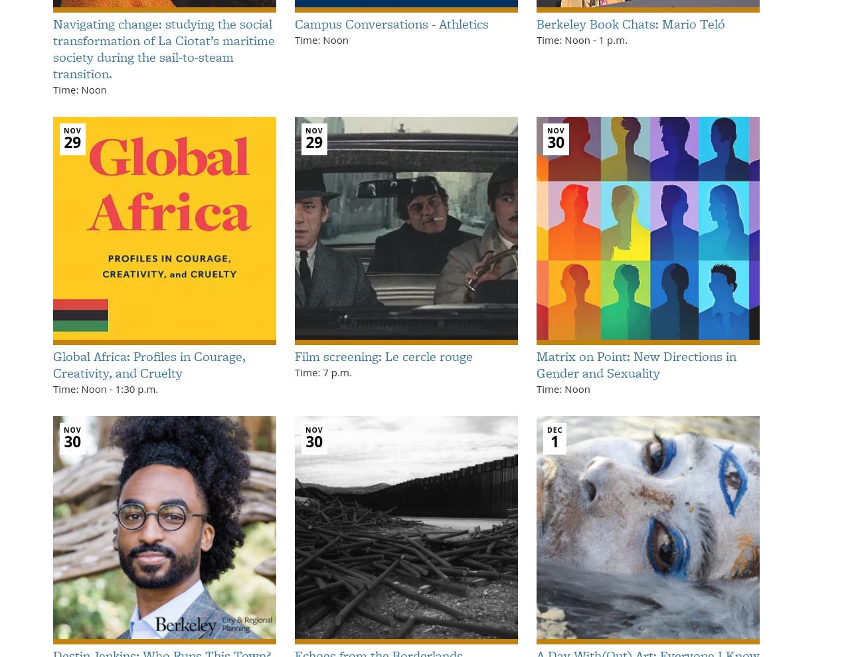 This screenshot has width=850, height=657. I want to click on '1', so click(554, 441).